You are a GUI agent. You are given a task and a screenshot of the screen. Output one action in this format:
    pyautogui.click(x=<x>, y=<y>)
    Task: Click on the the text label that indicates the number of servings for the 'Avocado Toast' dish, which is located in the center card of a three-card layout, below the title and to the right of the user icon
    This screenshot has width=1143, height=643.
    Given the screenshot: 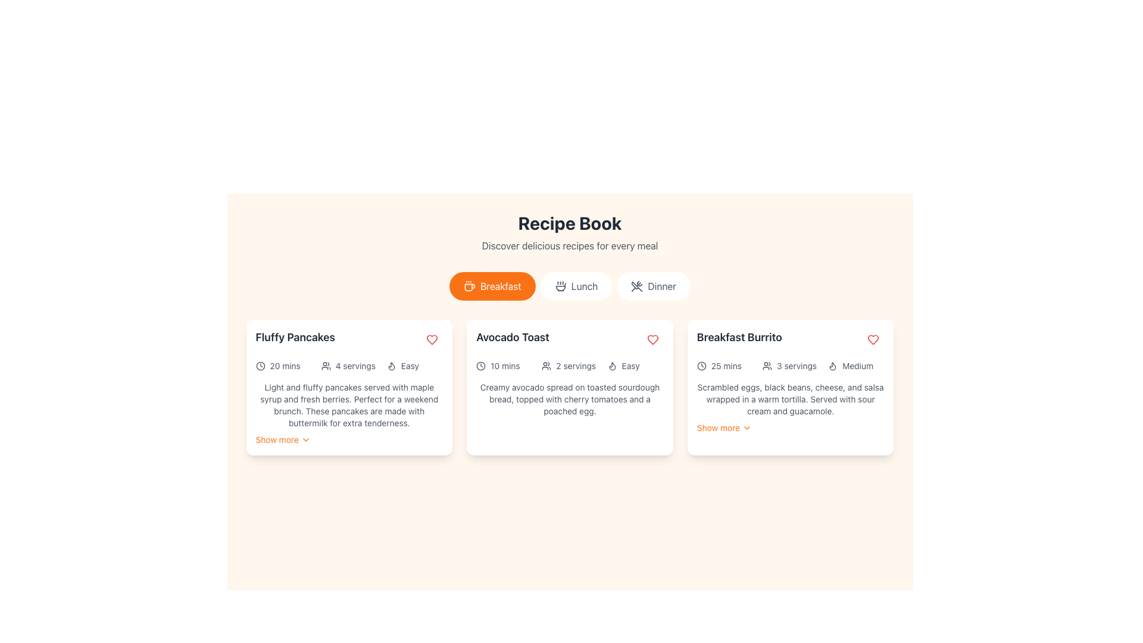 What is the action you would take?
    pyautogui.click(x=576, y=365)
    